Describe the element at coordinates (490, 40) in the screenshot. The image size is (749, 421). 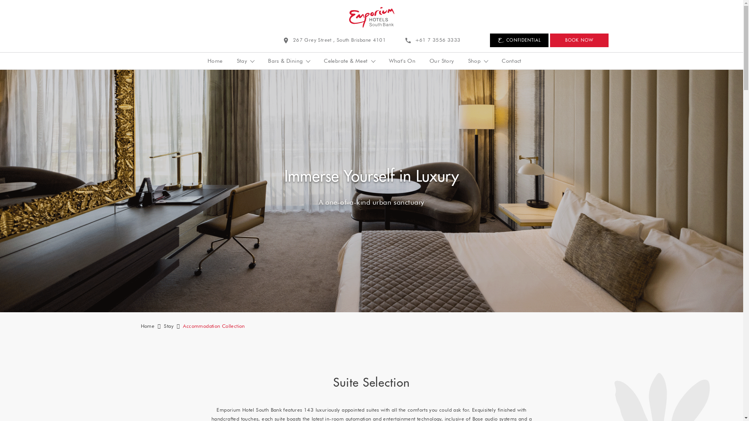
I see `'CONFIDENTIAL'` at that location.